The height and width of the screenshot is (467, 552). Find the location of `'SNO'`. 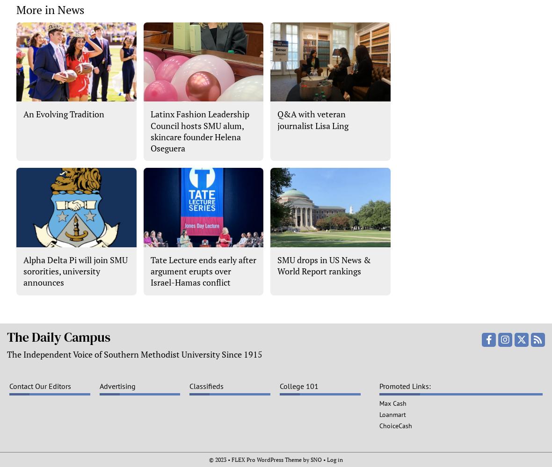

'SNO' is located at coordinates (316, 459).